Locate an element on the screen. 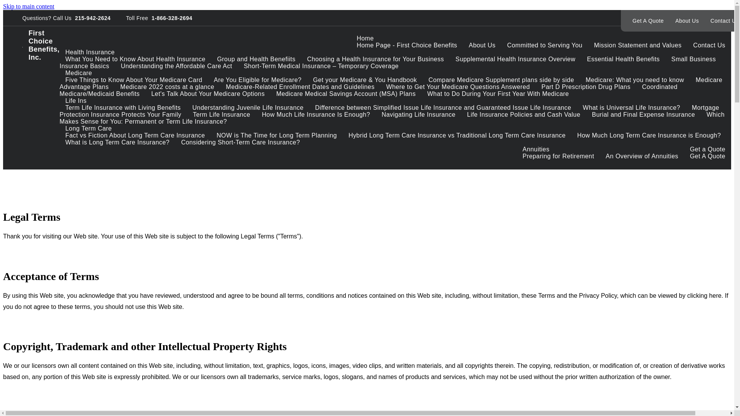 Image resolution: width=740 pixels, height=416 pixels. '215-942-2624' is located at coordinates (72, 17).